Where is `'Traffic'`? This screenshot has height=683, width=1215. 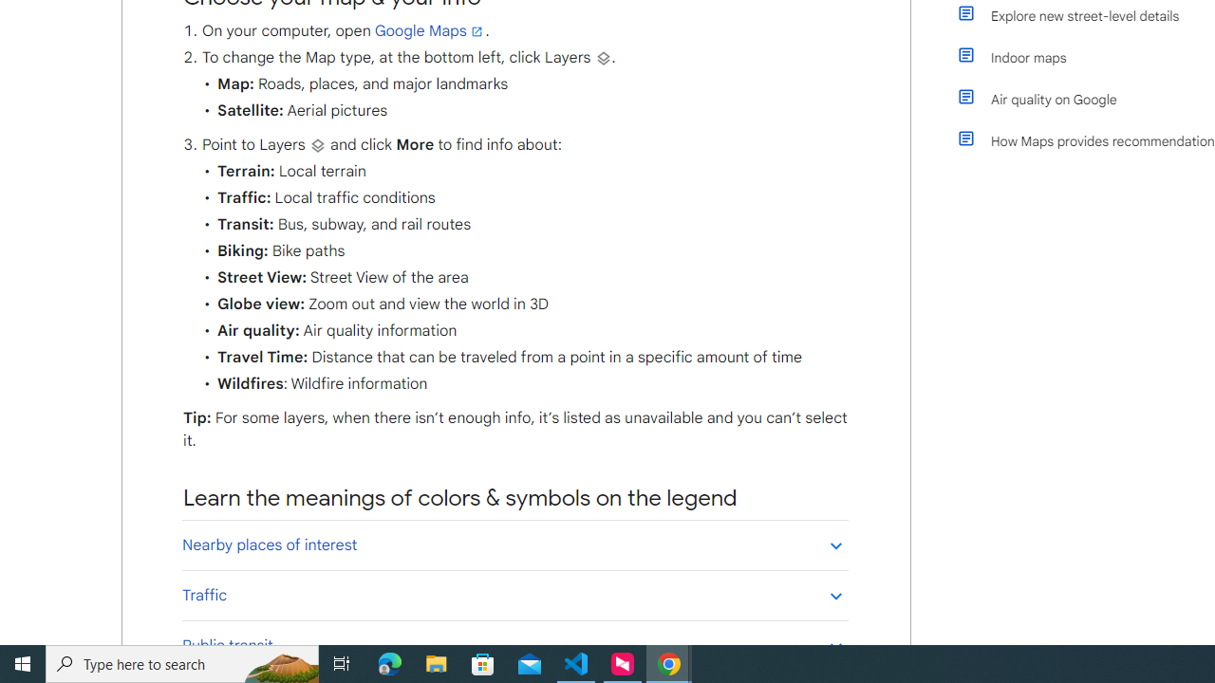
'Traffic' is located at coordinates (514, 594).